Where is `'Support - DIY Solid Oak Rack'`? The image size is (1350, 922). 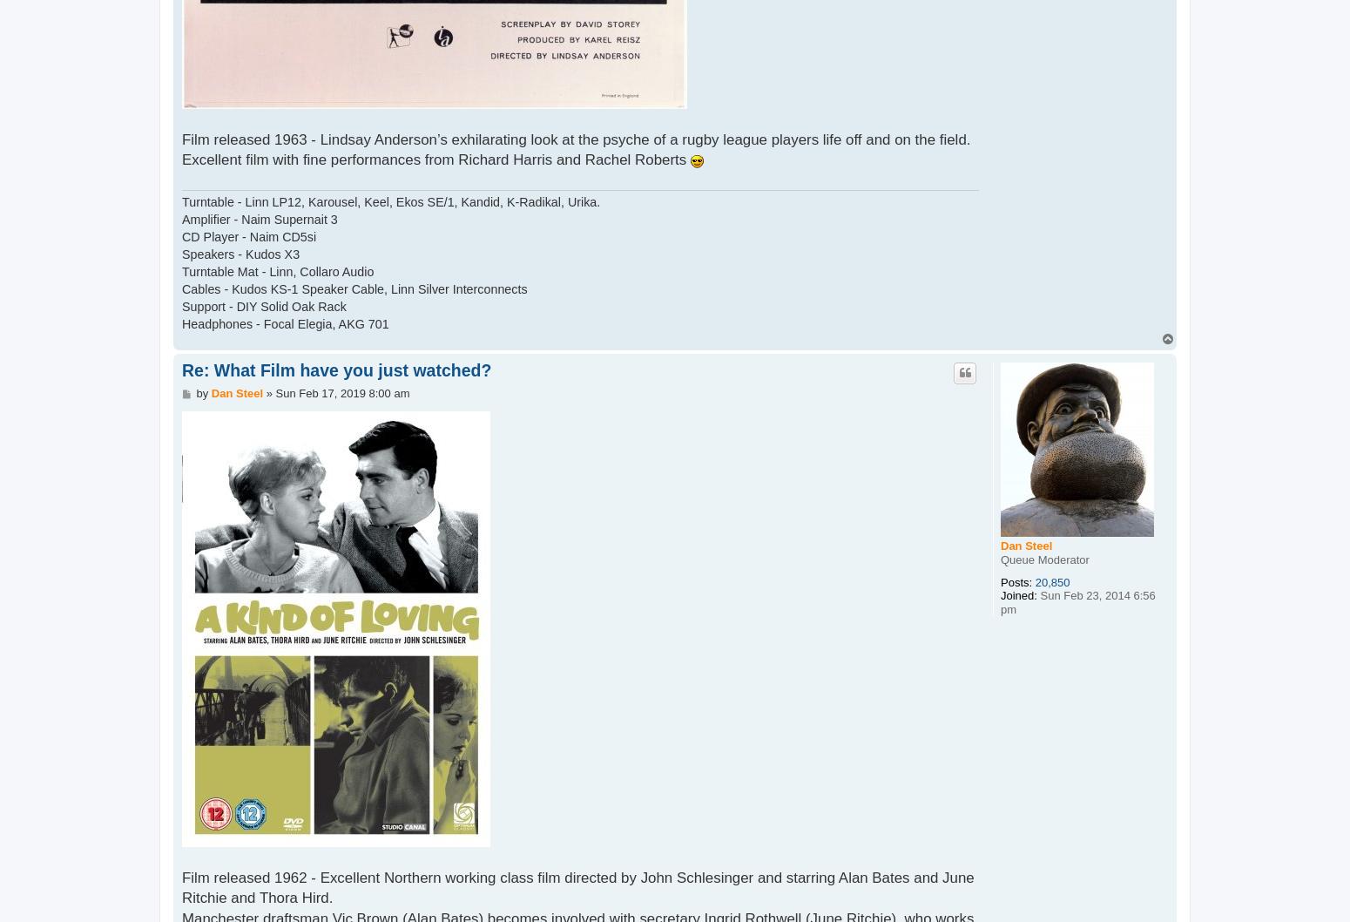
'Support - DIY Solid Oak Rack' is located at coordinates (264, 305).